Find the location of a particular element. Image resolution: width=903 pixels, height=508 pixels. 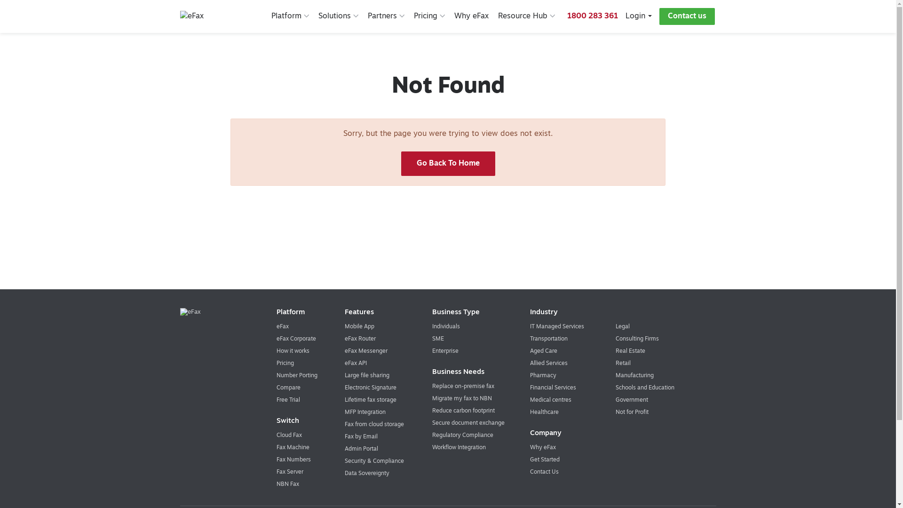

'Cloud Fax' is located at coordinates (288, 435).